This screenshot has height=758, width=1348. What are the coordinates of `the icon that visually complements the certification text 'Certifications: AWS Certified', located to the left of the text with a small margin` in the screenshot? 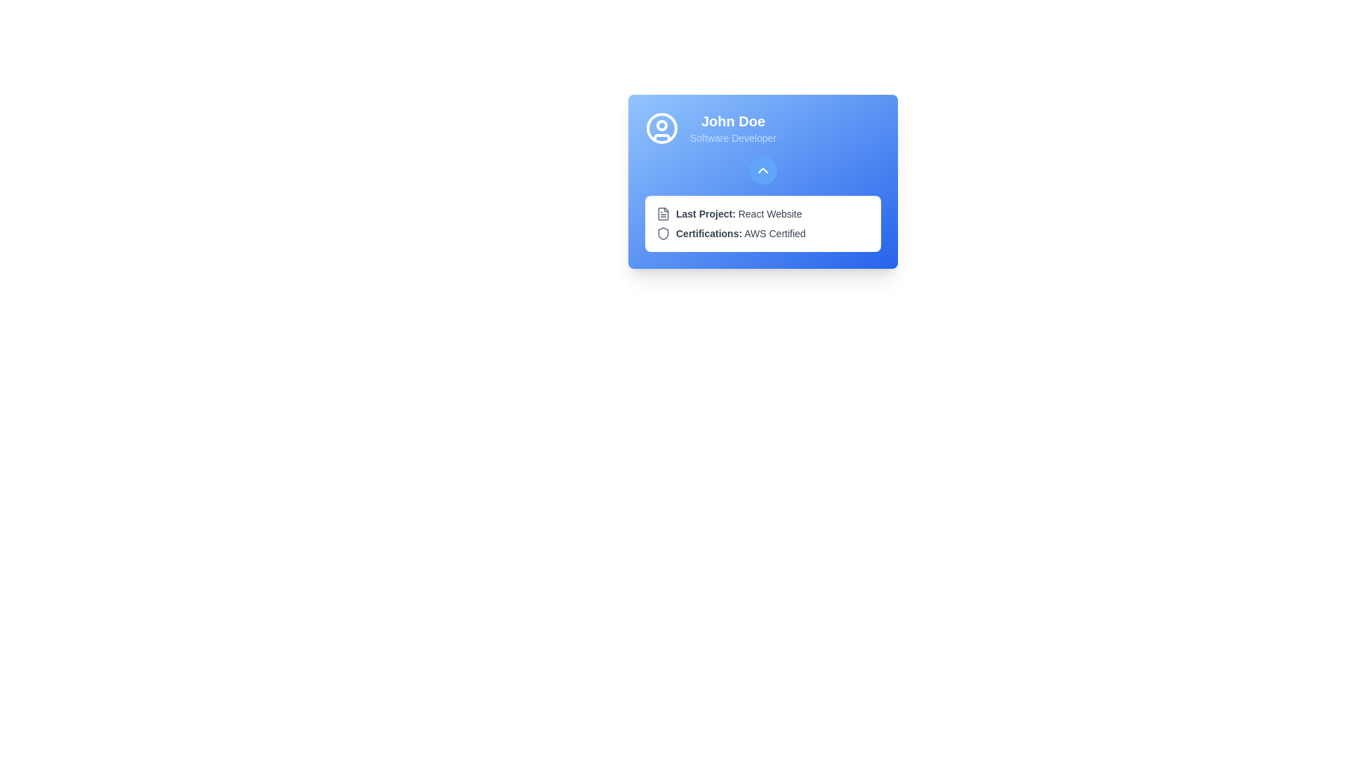 It's located at (663, 232).